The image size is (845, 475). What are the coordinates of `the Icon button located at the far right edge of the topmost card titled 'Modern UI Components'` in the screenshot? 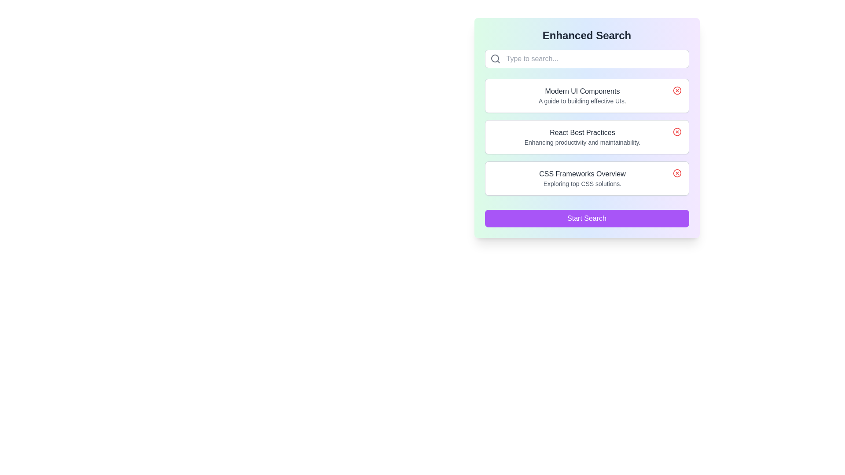 It's located at (676, 90).